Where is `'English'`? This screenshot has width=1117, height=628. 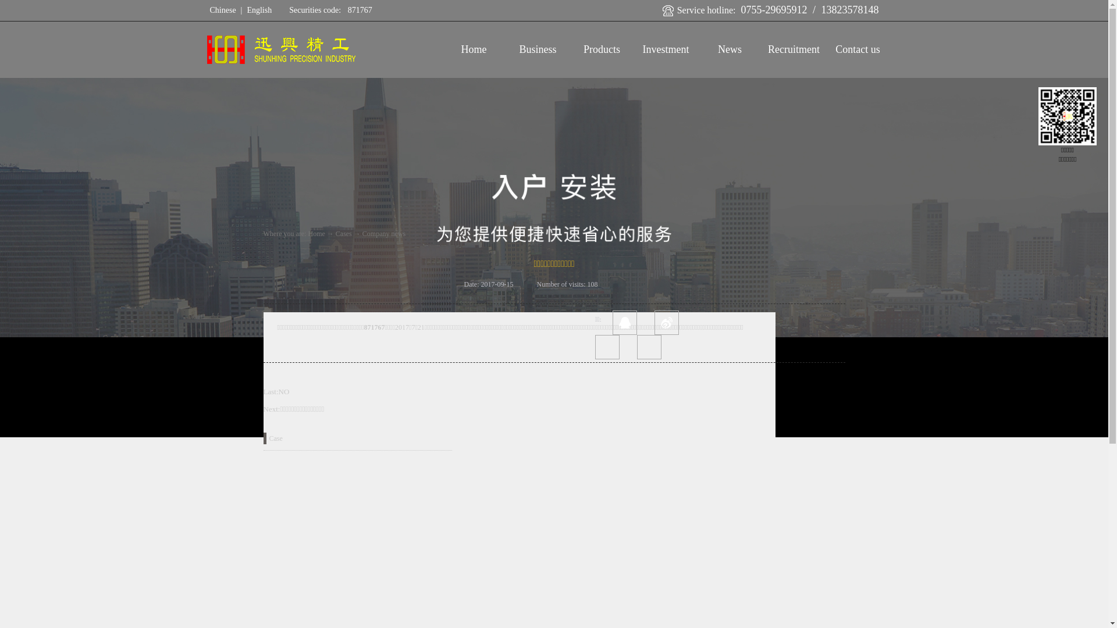 'English' is located at coordinates (258, 10).